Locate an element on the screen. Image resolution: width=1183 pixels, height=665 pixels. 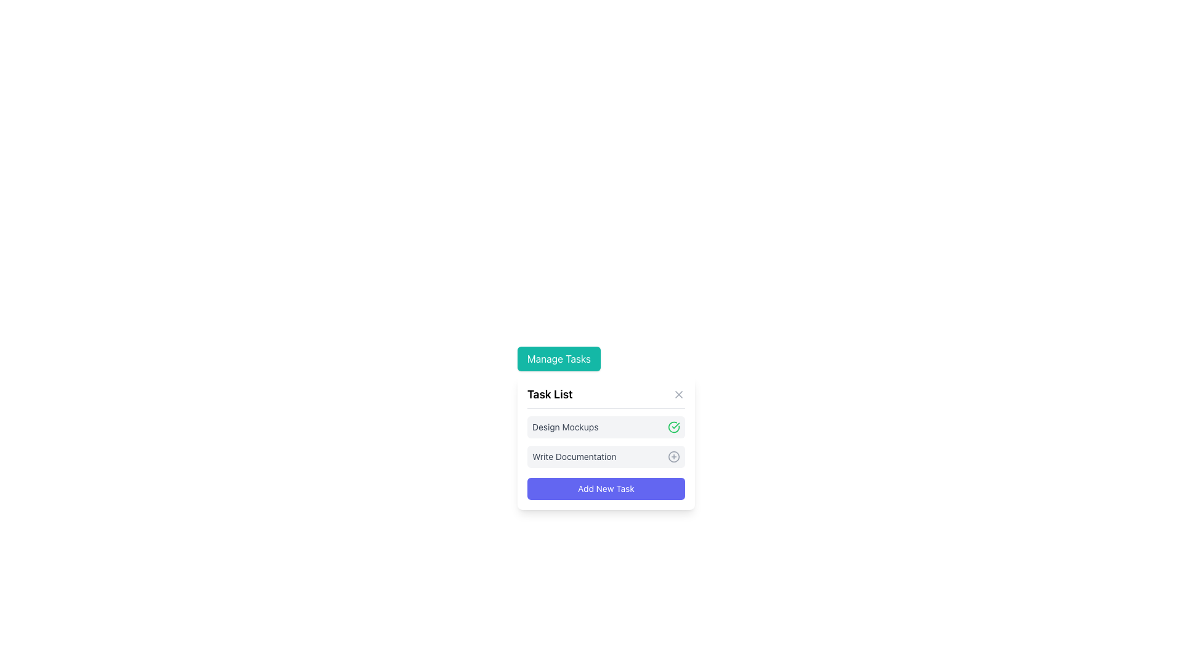
the close button located at the top-right of the 'Task List' section is located at coordinates (678, 394).